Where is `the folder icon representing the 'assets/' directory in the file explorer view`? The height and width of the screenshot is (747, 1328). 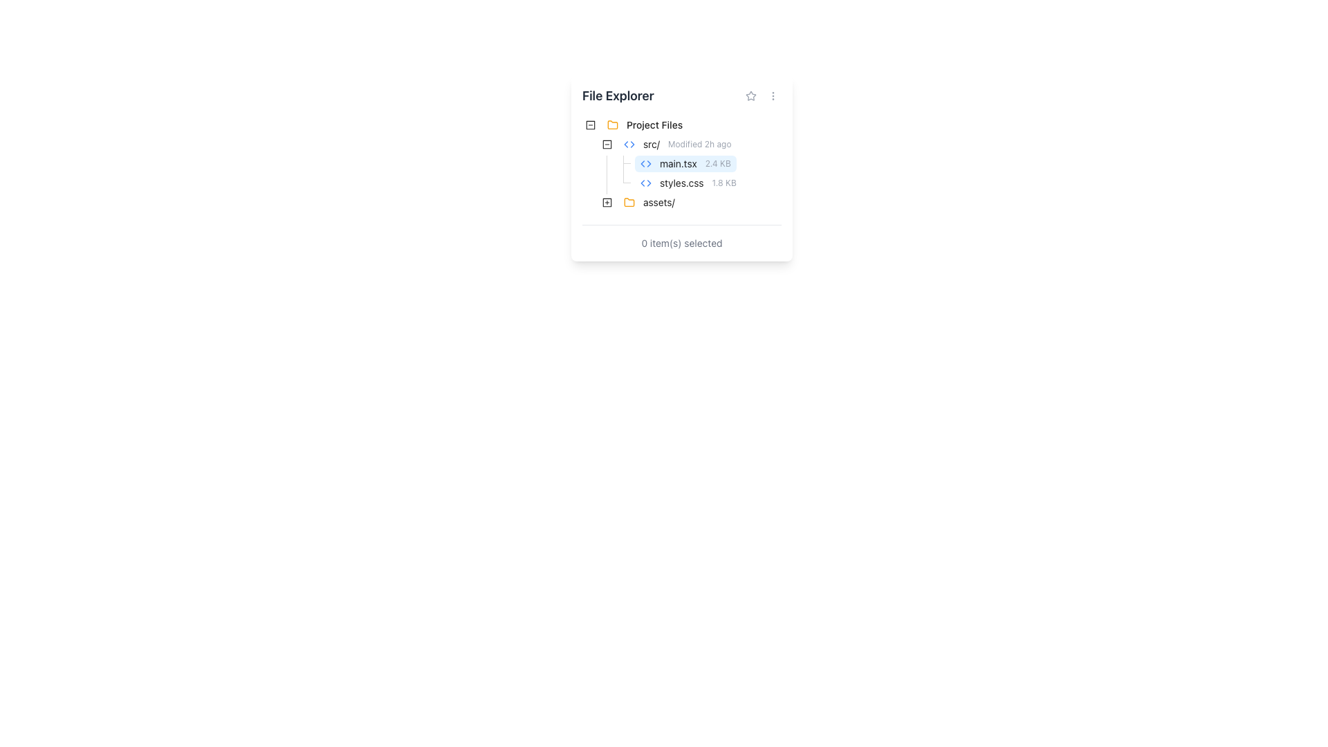 the folder icon representing the 'assets/' directory in the file explorer view is located at coordinates (629, 202).